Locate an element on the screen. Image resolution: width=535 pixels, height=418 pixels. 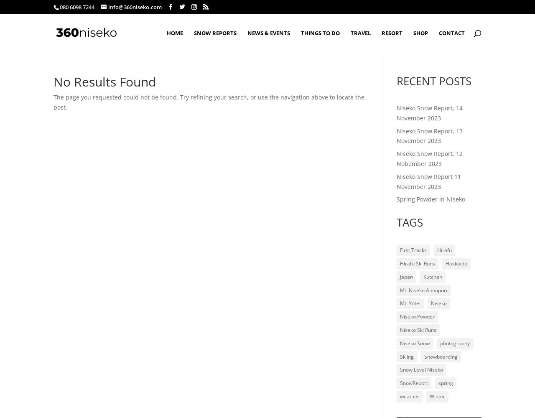
'Contact' is located at coordinates (451, 32).